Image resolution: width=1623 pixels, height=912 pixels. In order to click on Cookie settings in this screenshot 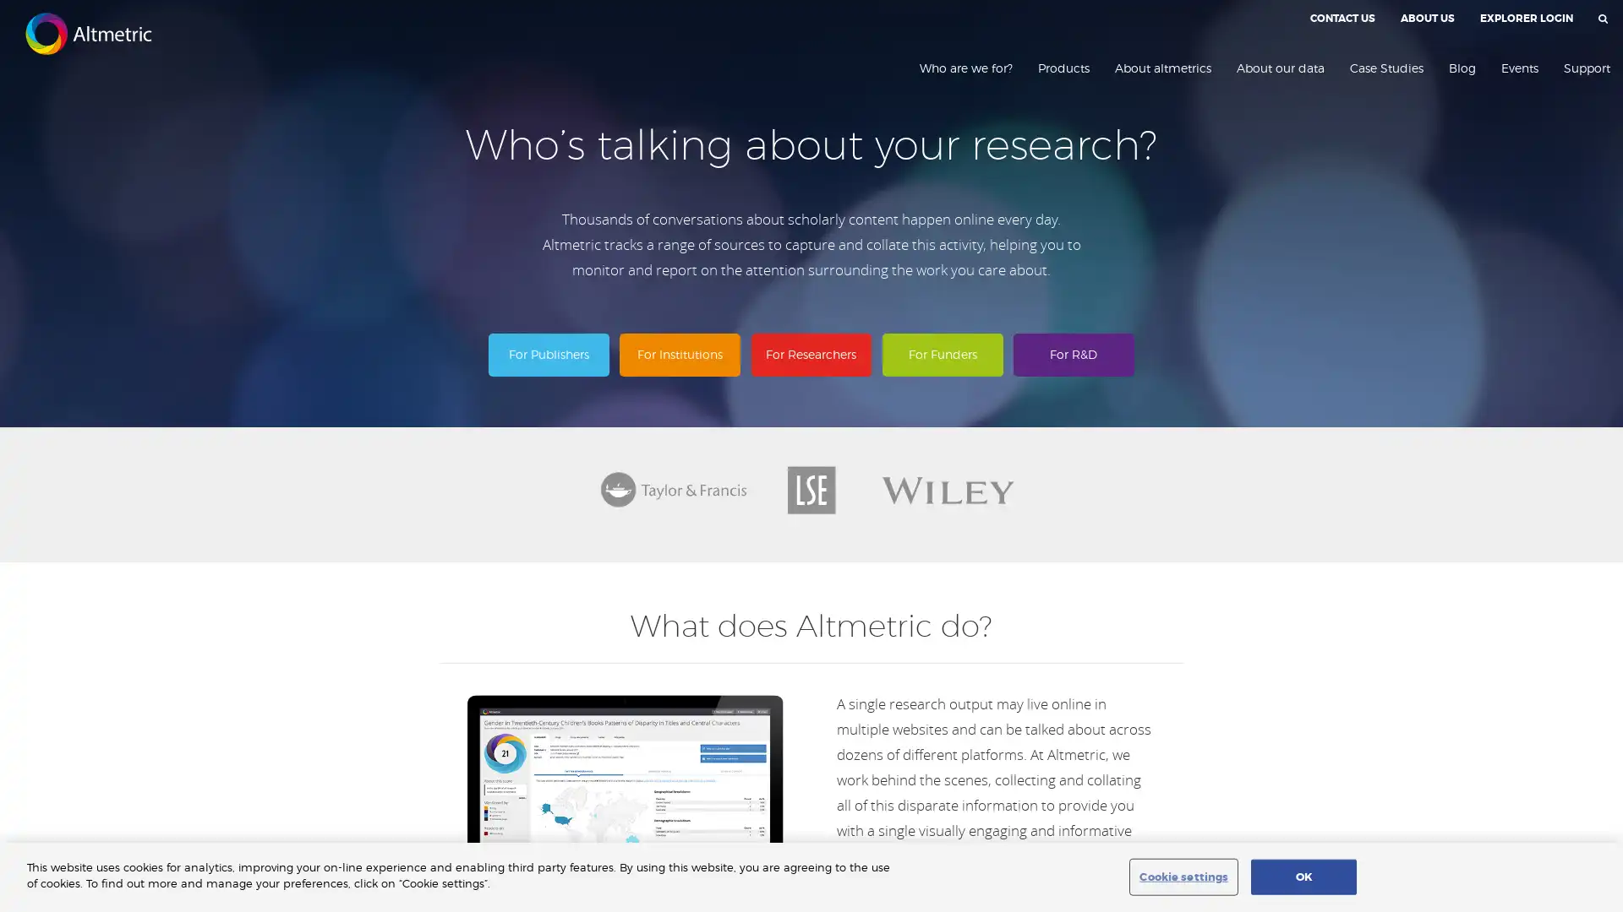, I will do `click(1183, 875)`.